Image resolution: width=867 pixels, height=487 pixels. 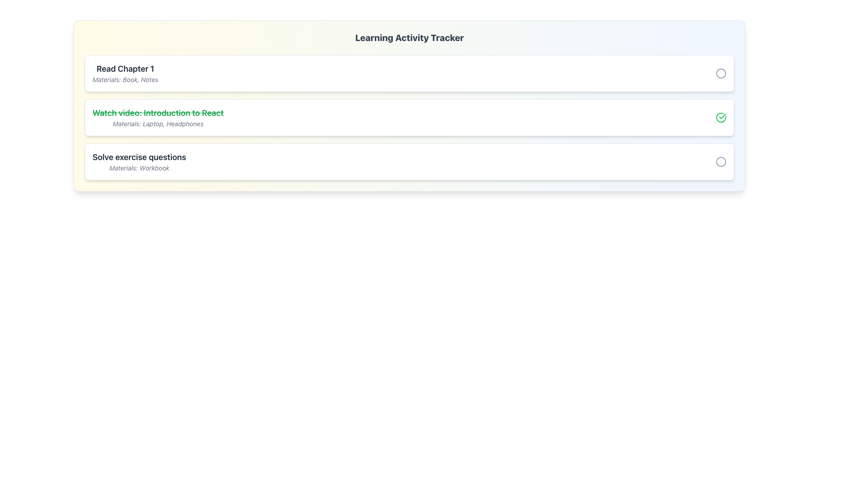 What do you see at coordinates (409, 161) in the screenshot?
I see `the interactive card component titled 'Solve exercise questions' which provides supplementary information 'Materials: Workbook' in the 'Learning Activity Tracker' section` at bounding box center [409, 161].